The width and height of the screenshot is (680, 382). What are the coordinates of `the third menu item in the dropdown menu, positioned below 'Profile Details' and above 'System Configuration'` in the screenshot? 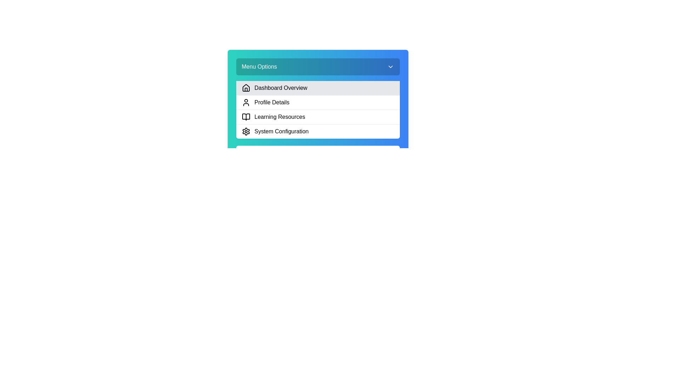 It's located at (317, 116).